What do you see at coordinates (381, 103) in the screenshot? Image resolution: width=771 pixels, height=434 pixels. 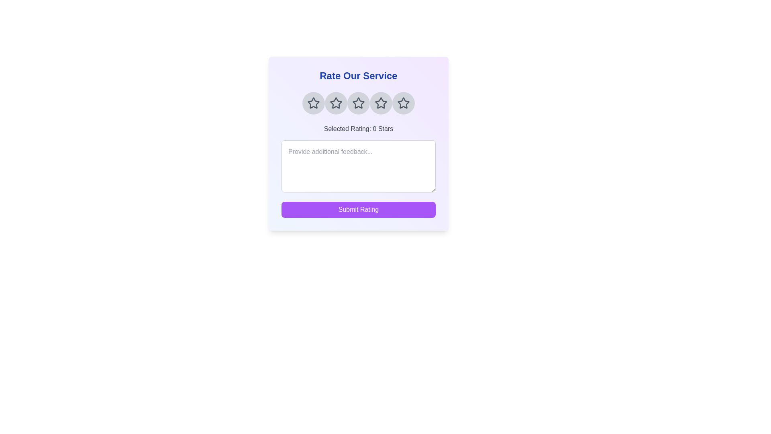 I see `the star corresponding to the desired rating 4` at bounding box center [381, 103].